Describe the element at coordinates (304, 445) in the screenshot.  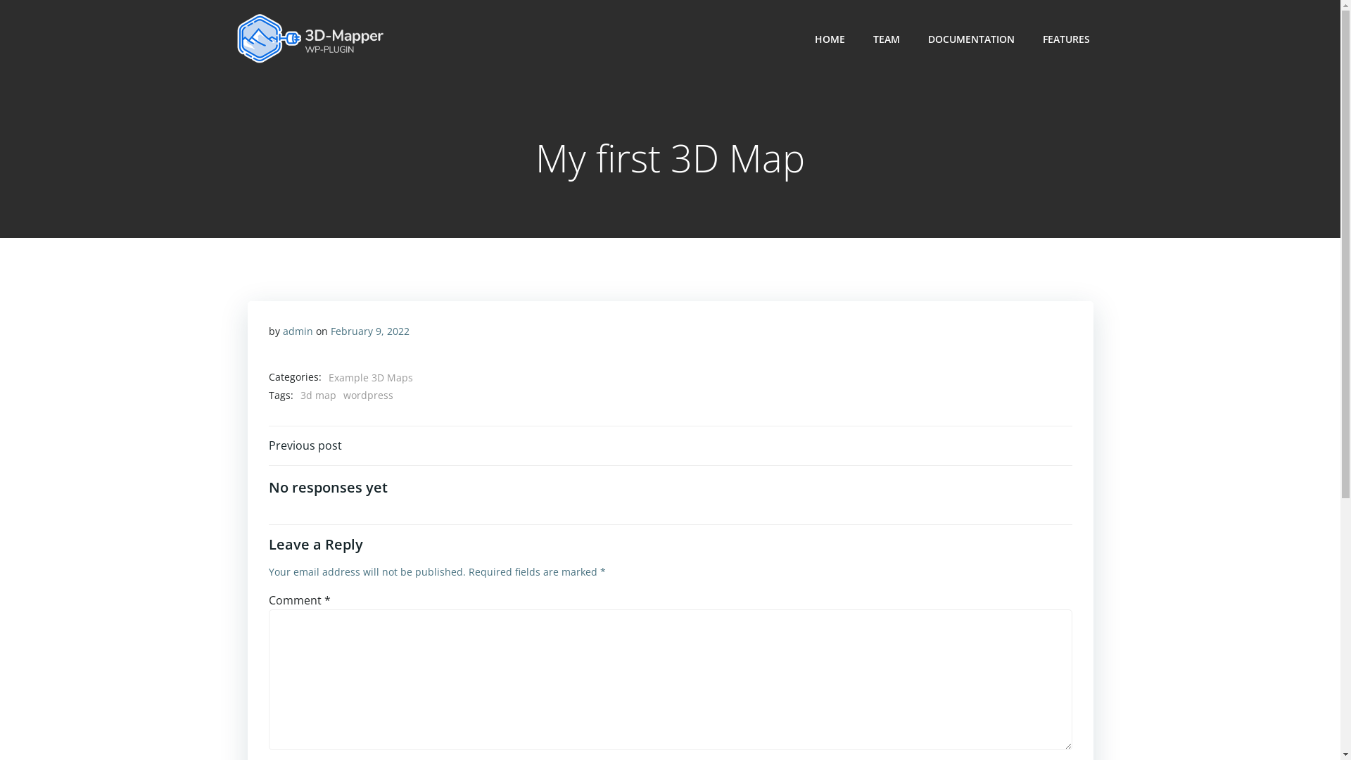
I see `'Previous post'` at that location.